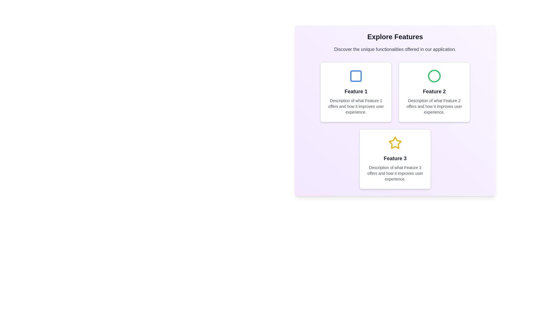 The width and height of the screenshot is (549, 309). I want to click on the text label reading 'Feature 1' located in the top-left card of the grid, positioned below the icon and above the descriptive text, so click(355, 91).